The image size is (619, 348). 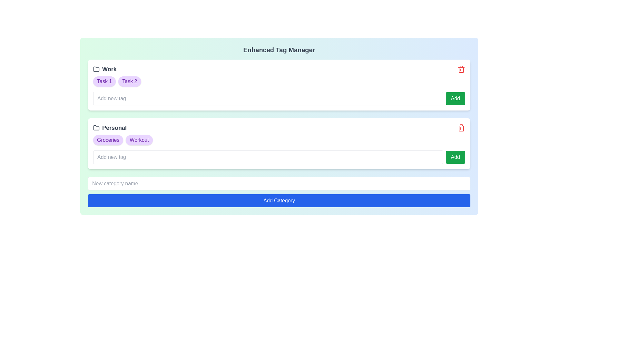 What do you see at coordinates (108, 140) in the screenshot?
I see `the 'Groceries' tag located under the 'Personal' section header` at bounding box center [108, 140].